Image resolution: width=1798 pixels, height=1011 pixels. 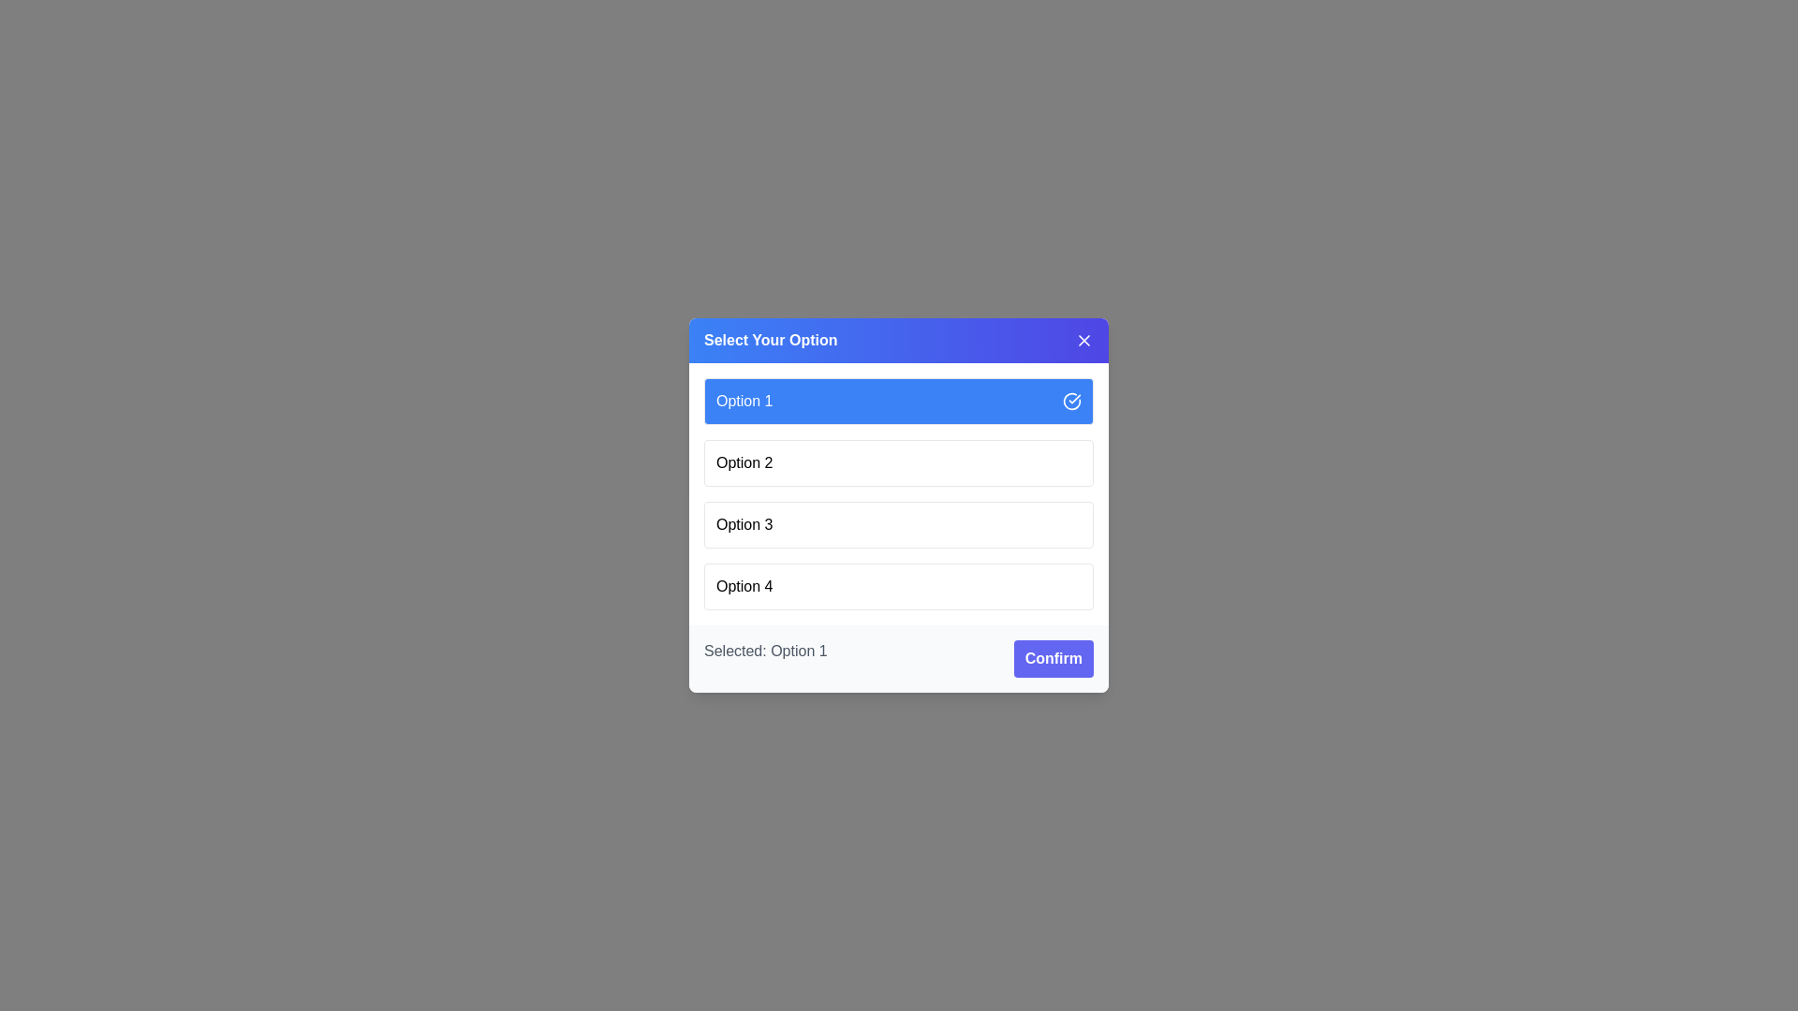 What do you see at coordinates (1072, 400) in the screenshot?
I see `the Confirmation icon located to the right of 'Option 1', which is a circular icon with a checkmark design, to interact with it` at bounding box center [1072, 400].